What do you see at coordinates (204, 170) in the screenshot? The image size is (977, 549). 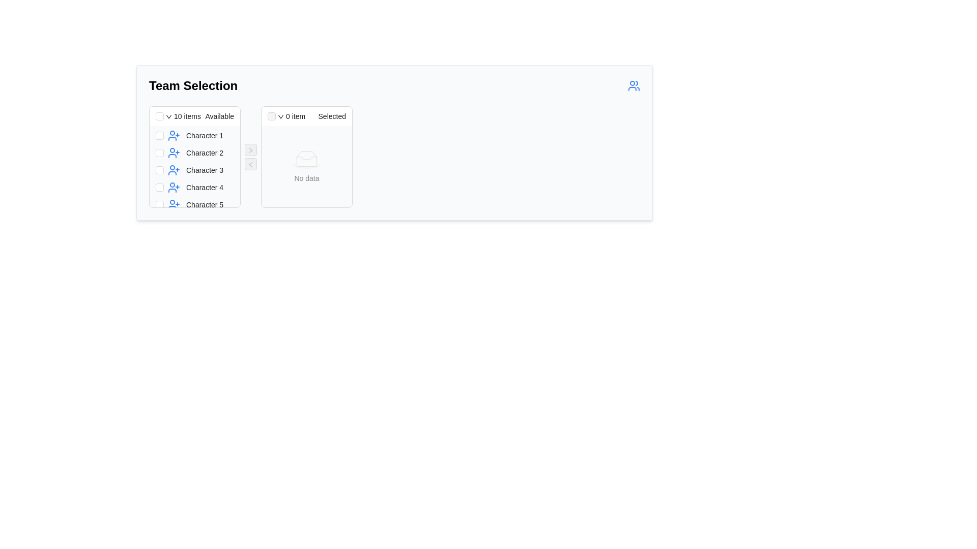 I see `the label for 'Character 3', which is the third item in the list under '10 items Available', positioned between 'Character 2' and 'Character 4'` at bounding box center [204, 170].